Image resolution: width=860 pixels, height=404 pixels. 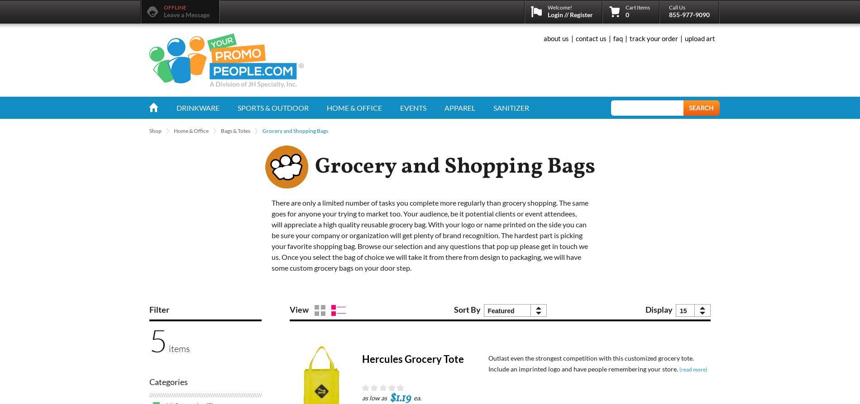 I want to click on 'contact us', so click(x=591, y=38).